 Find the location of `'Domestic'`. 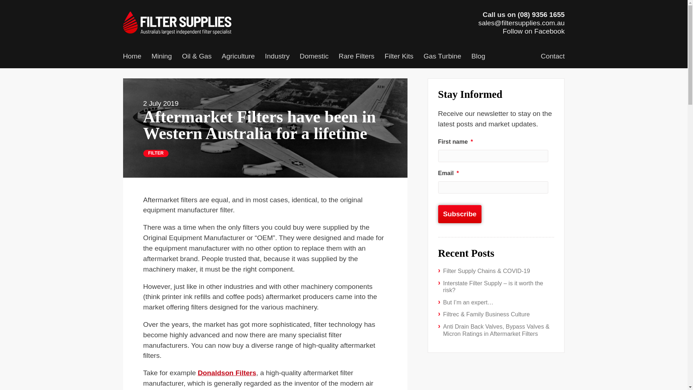

'Domestic' is located at coordinates (314, 57).